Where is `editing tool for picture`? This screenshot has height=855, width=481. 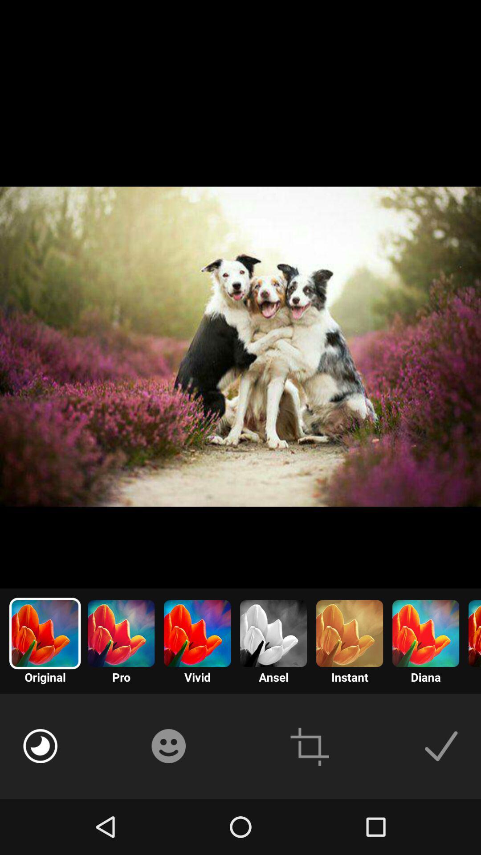
editing tool for picture is located at coordinates (40, 746).